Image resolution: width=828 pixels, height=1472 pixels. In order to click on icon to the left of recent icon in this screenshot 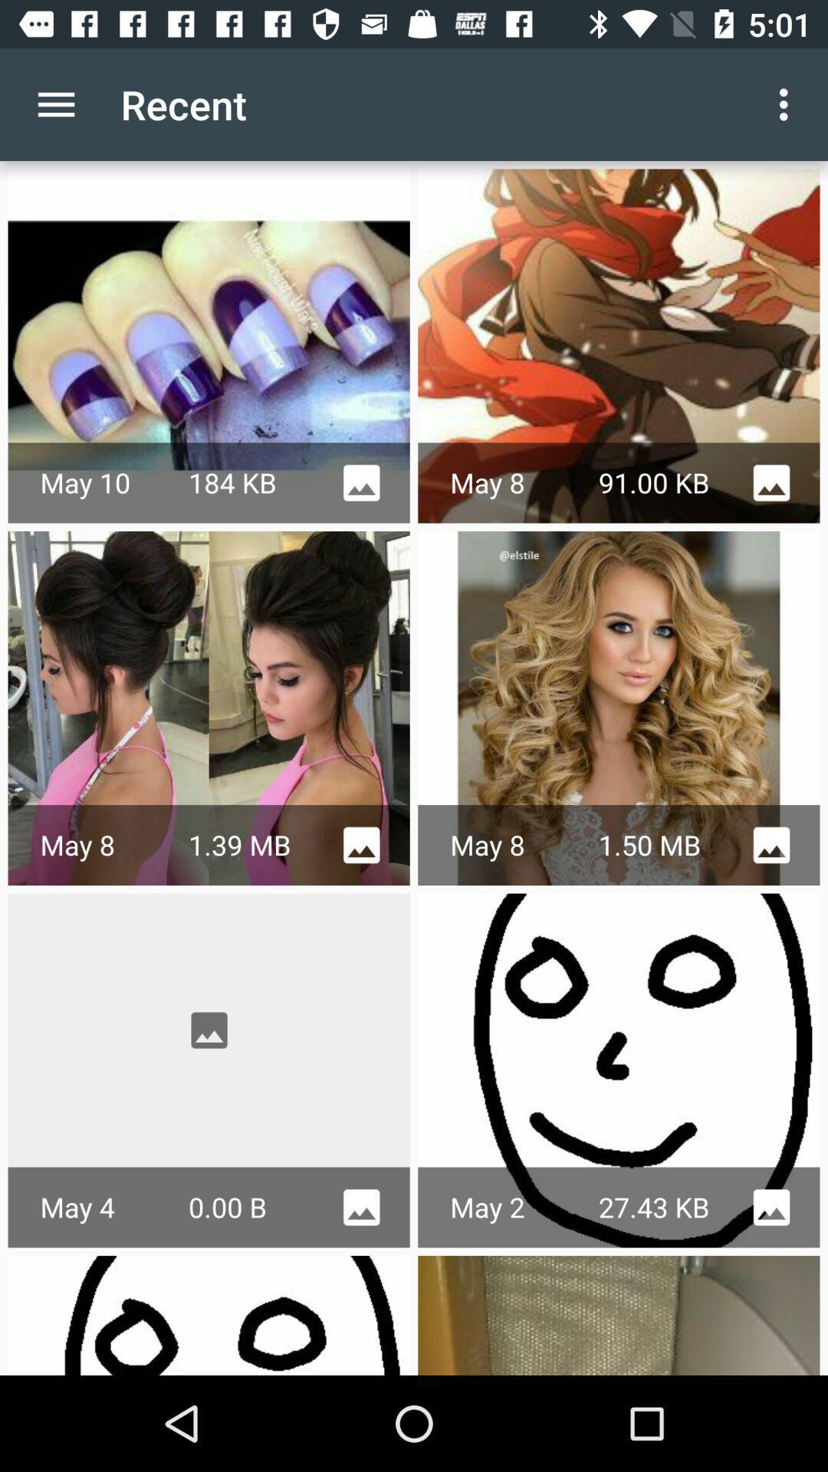, I will do `click(55, 103)`.